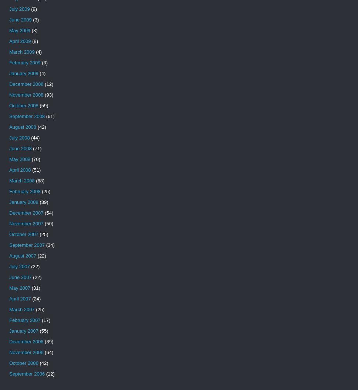 Image resolution: width=358 pixels, height=390 pixels. I want to click on '(24)', so click(36, 298).